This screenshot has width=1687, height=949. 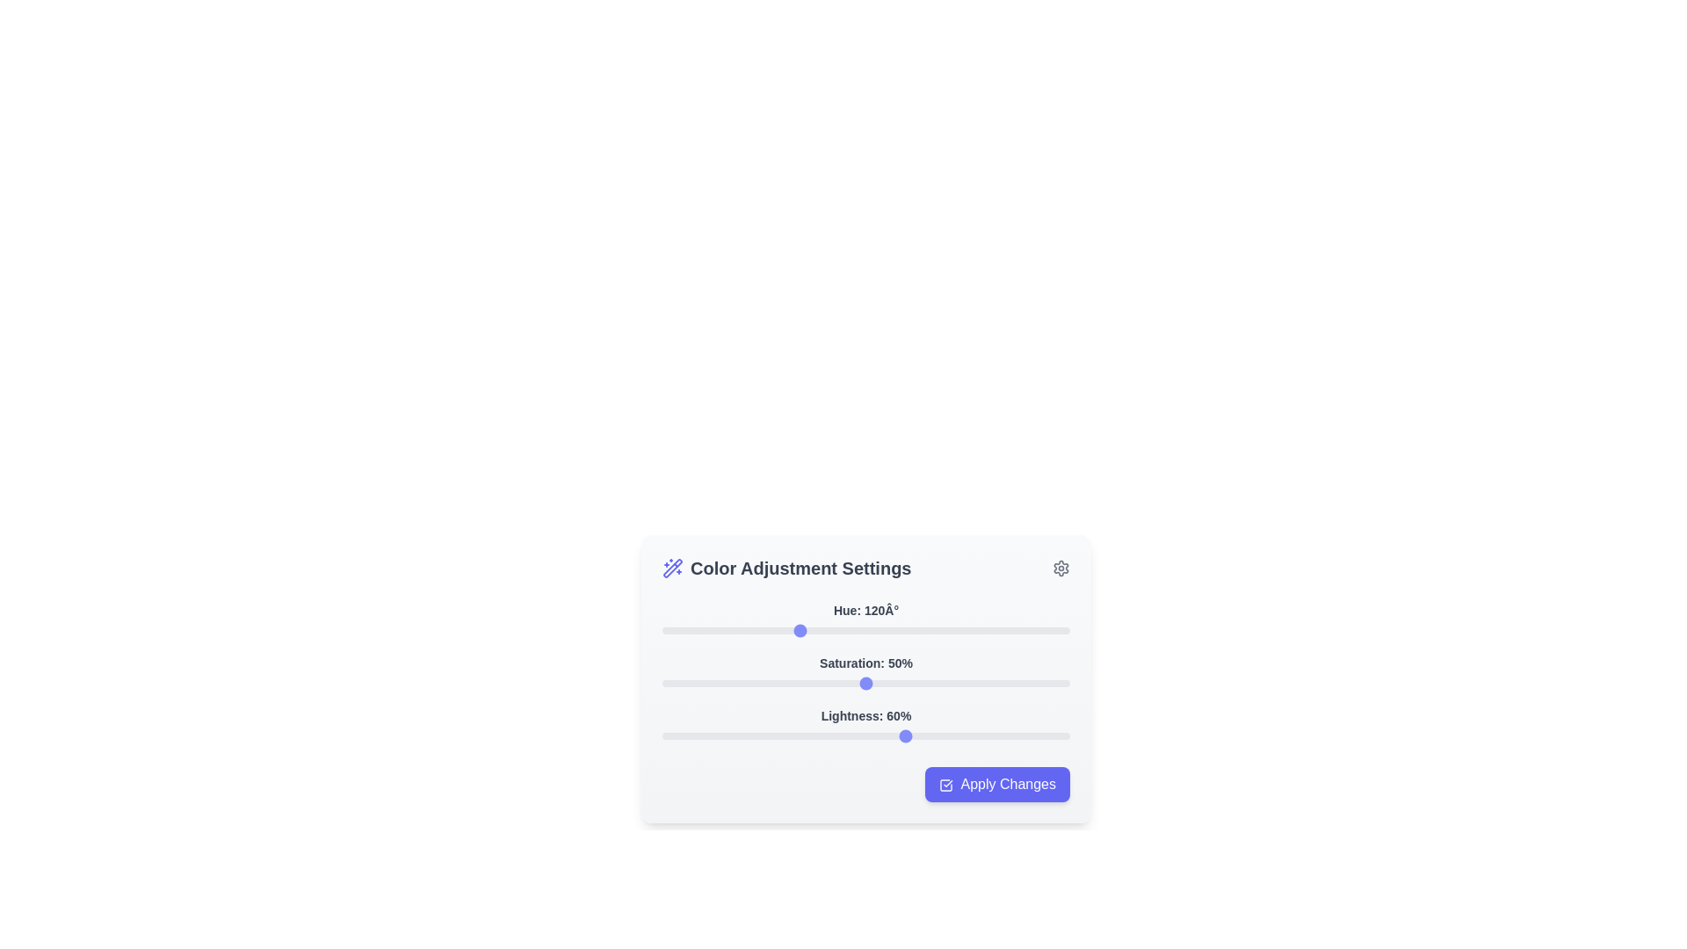 I want to click on the 'Apply Changes' button, which is a large rectangular button with rounded corners, bright indigo background, white text, and a checkmark icon on the left, located at the bottom-right corner of the 'Color Adjustment Settings' modal, so click(x=997, y=784).